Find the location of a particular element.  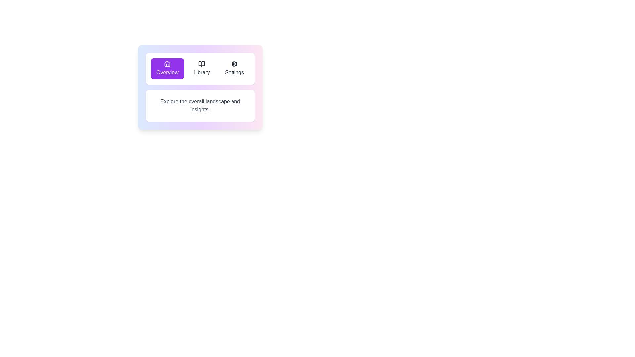

the gear-shaped icon located at the rightmost position of the three icons at the top of the section is located at coordinates (234, 64).